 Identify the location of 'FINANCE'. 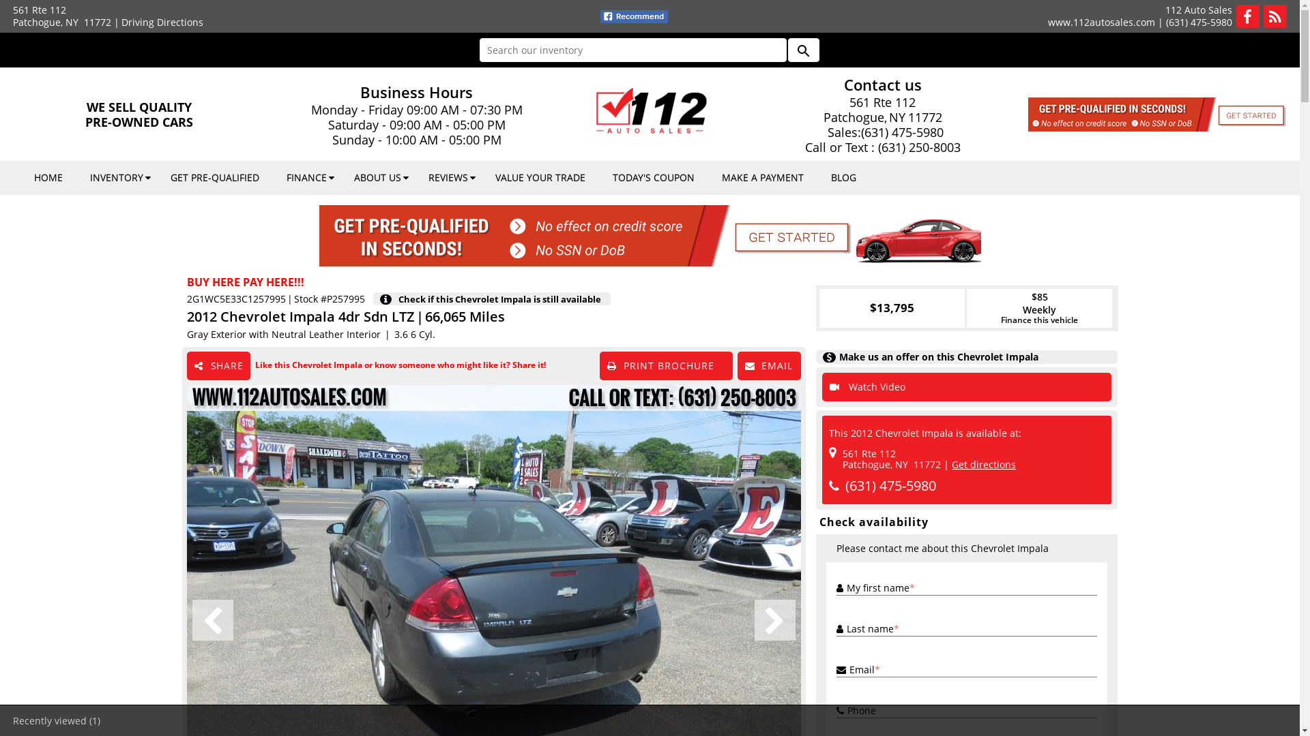
(272, 177).